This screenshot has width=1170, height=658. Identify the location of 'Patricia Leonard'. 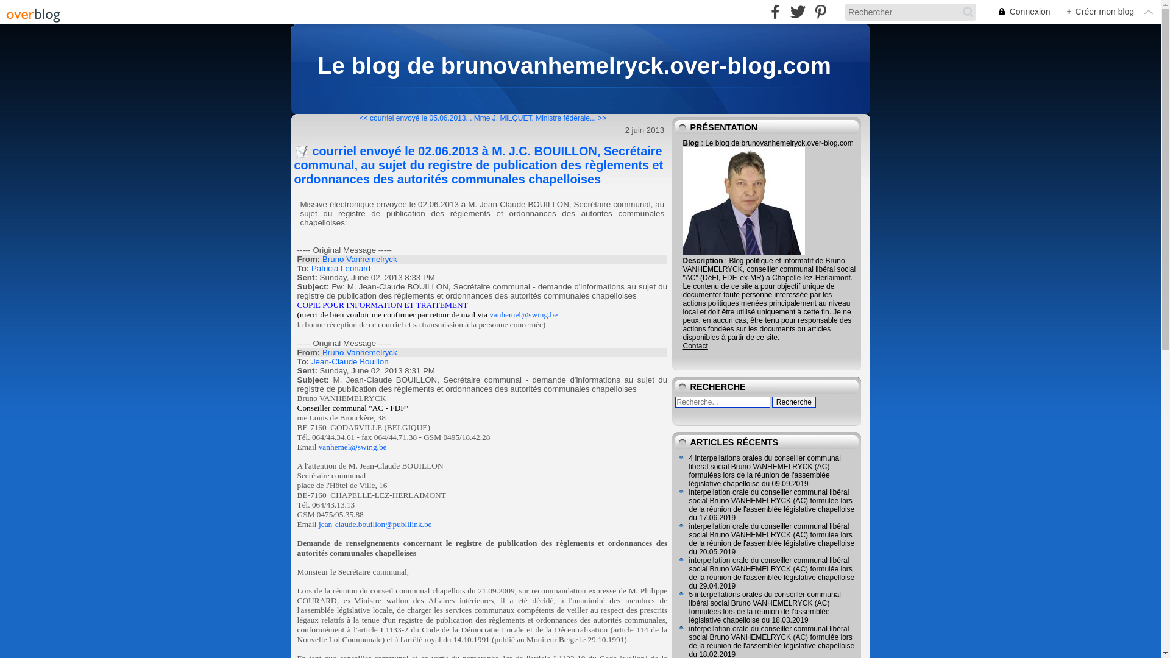
(341, 267).